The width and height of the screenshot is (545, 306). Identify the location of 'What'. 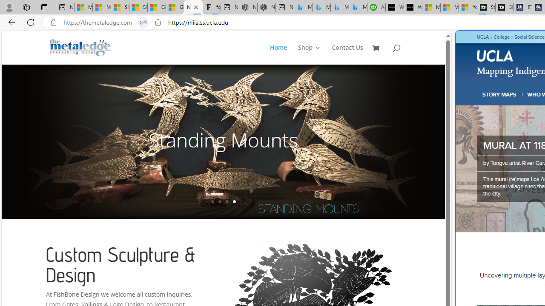
(413, 7).